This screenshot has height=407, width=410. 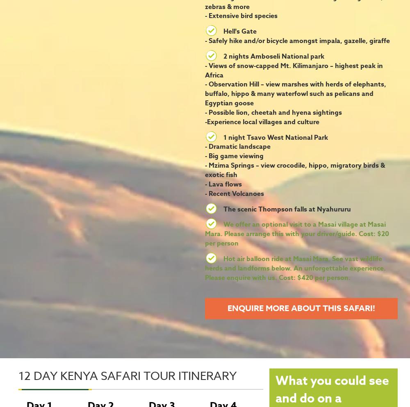 What do you see at coordinates (237, 146) in the screenshot?
I see `'- Dramatic landscape'` at bounding box center [237, 146].